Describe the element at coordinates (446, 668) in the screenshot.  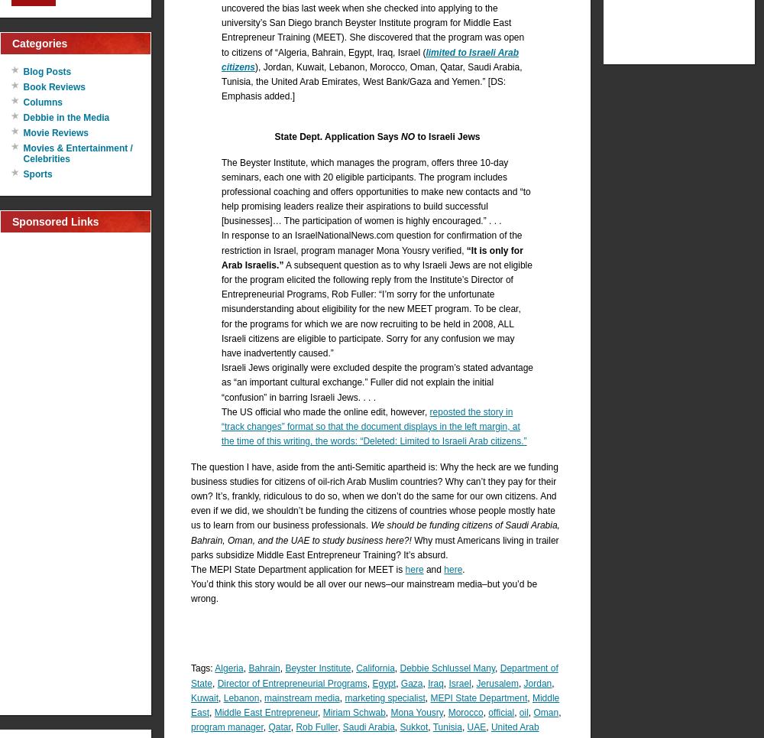
I see `'Debbie Schlussel Many'` at that location.